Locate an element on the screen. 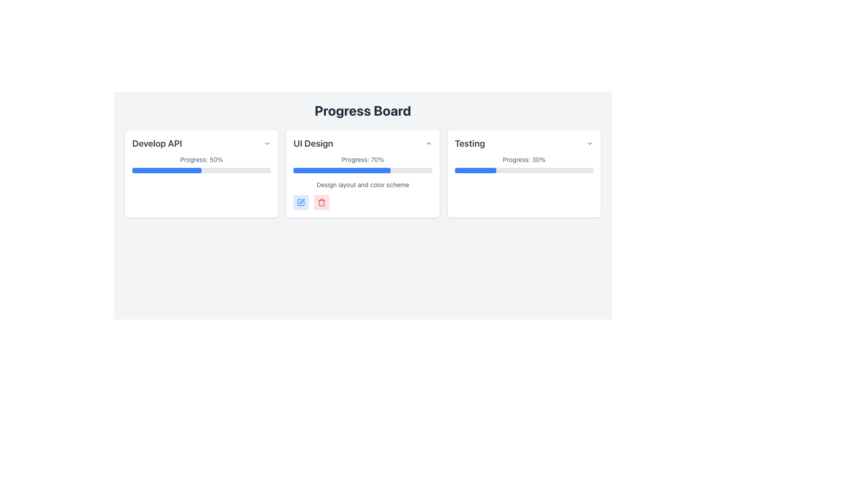 Image resolution: width=864 pixels, height=486 pixels. the red circular button with a white trash can icon located at the bottom of the 'UI Design' card is located at coordinates (322, 202).